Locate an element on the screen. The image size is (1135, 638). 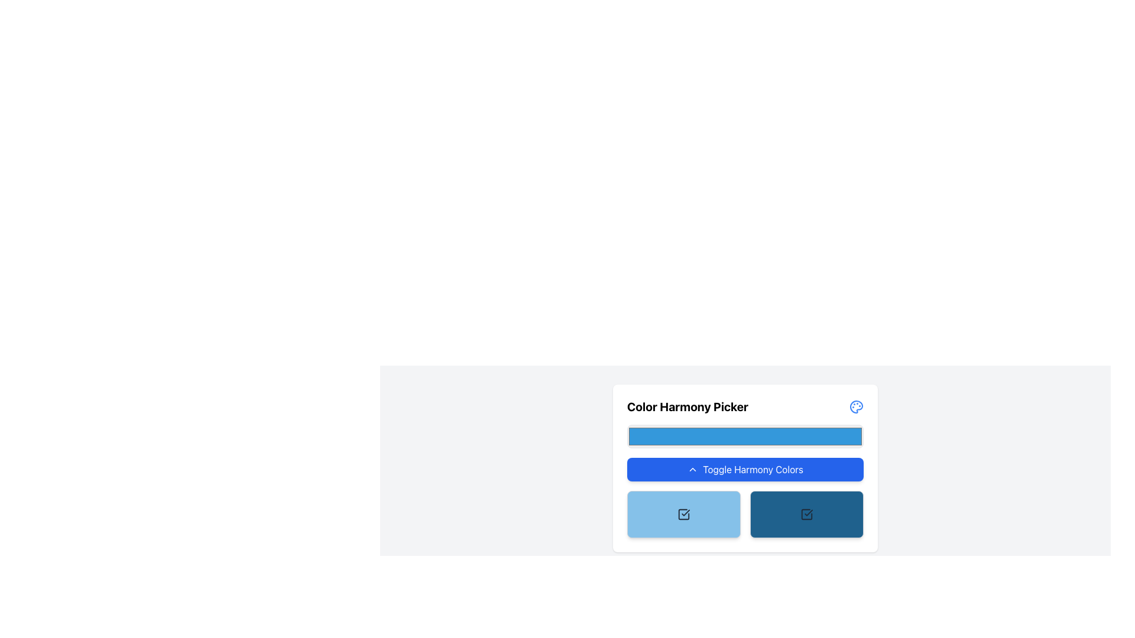
icon located in the leftmost button below the 'Toggle Harmony Colors' UI component in the 'Color Harmony Picker' interface for additional metadata is located at coordinates (683, 514).